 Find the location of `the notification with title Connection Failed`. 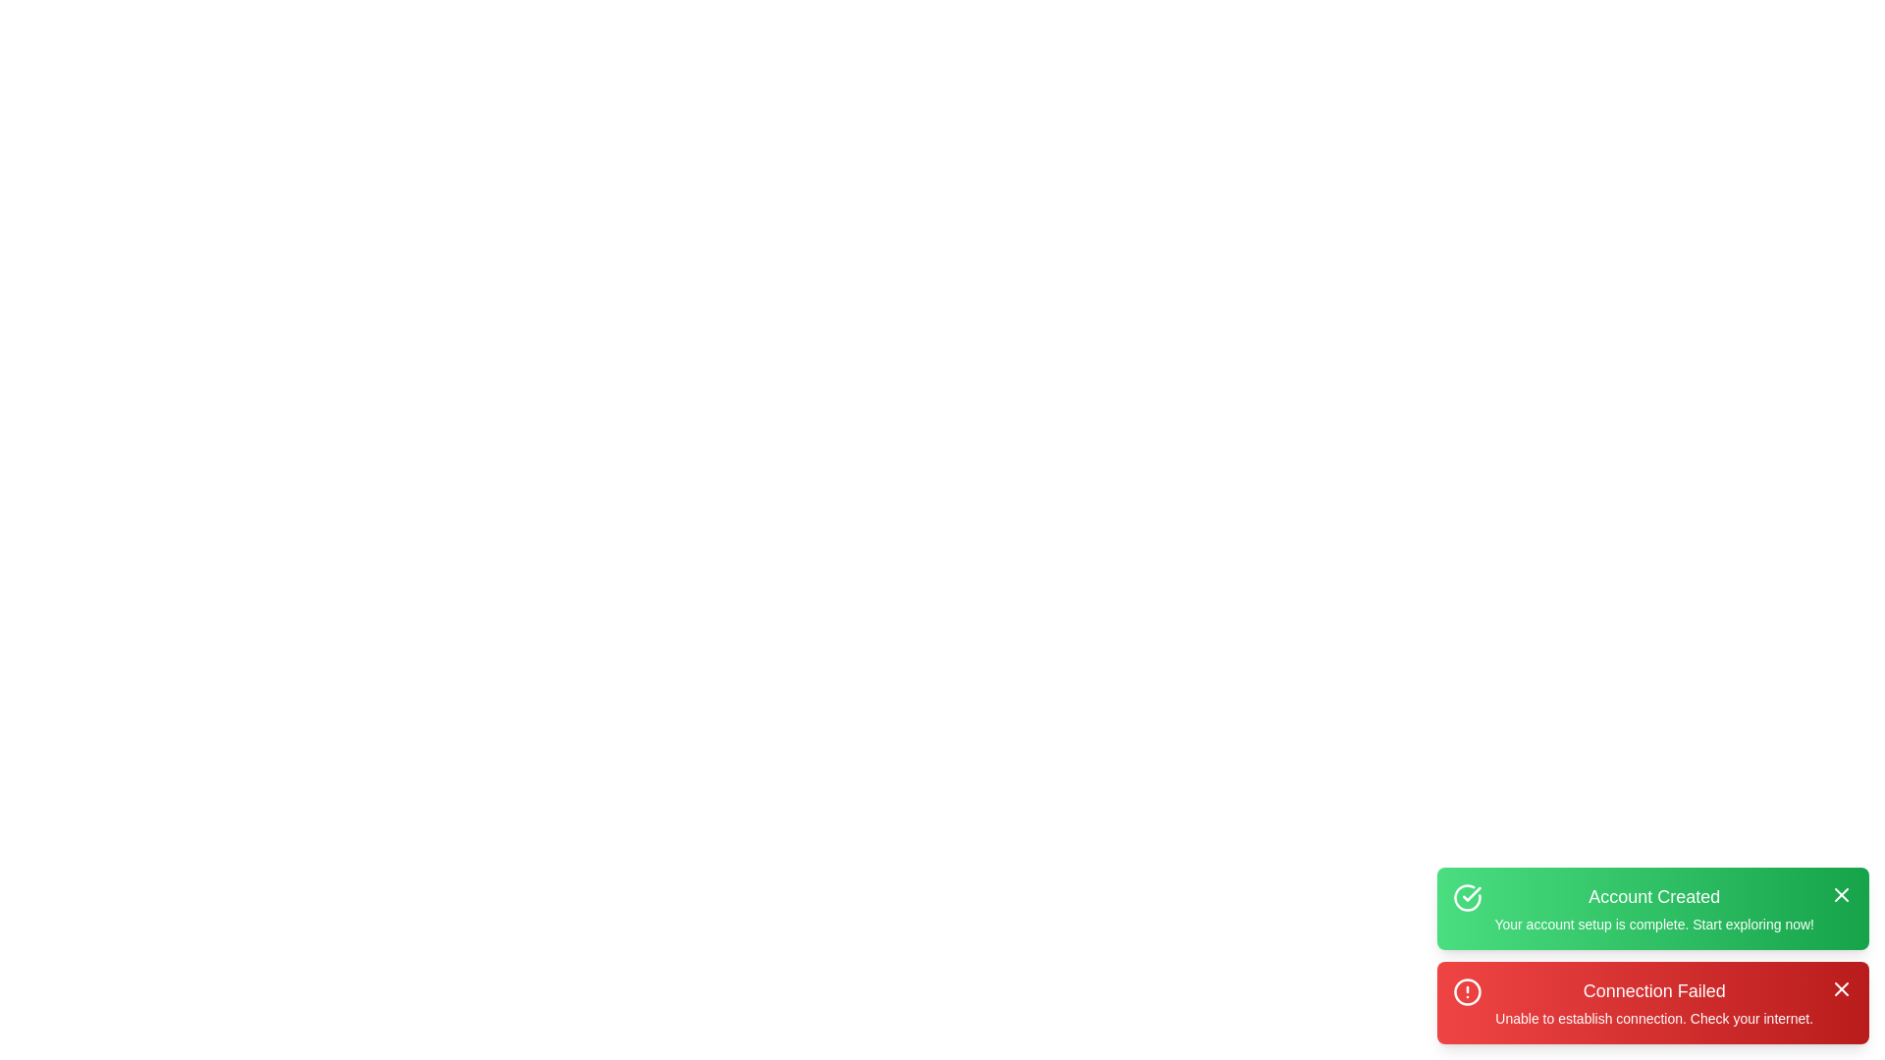

the notification with title Connection Failed is located at coordinates (1652, 1003).